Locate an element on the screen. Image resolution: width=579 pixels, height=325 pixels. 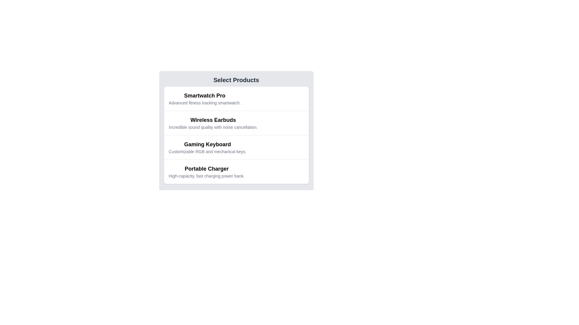
the text label that reads 'High-capacity, fast charging power bank.' which is styled in a smaller gray font and located below the 'Portable Charger' title is located at coordinates (207, 176).